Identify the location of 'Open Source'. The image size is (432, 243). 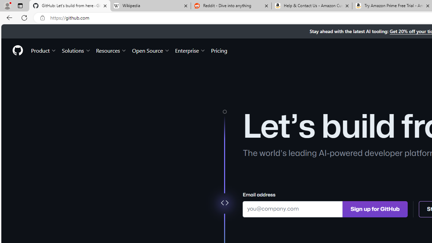
(150, 50).